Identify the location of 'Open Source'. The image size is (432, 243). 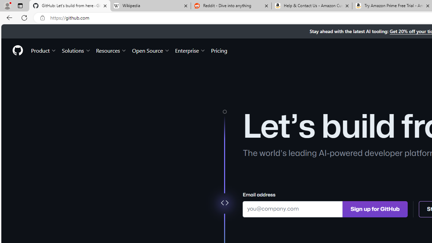
(150, 50).